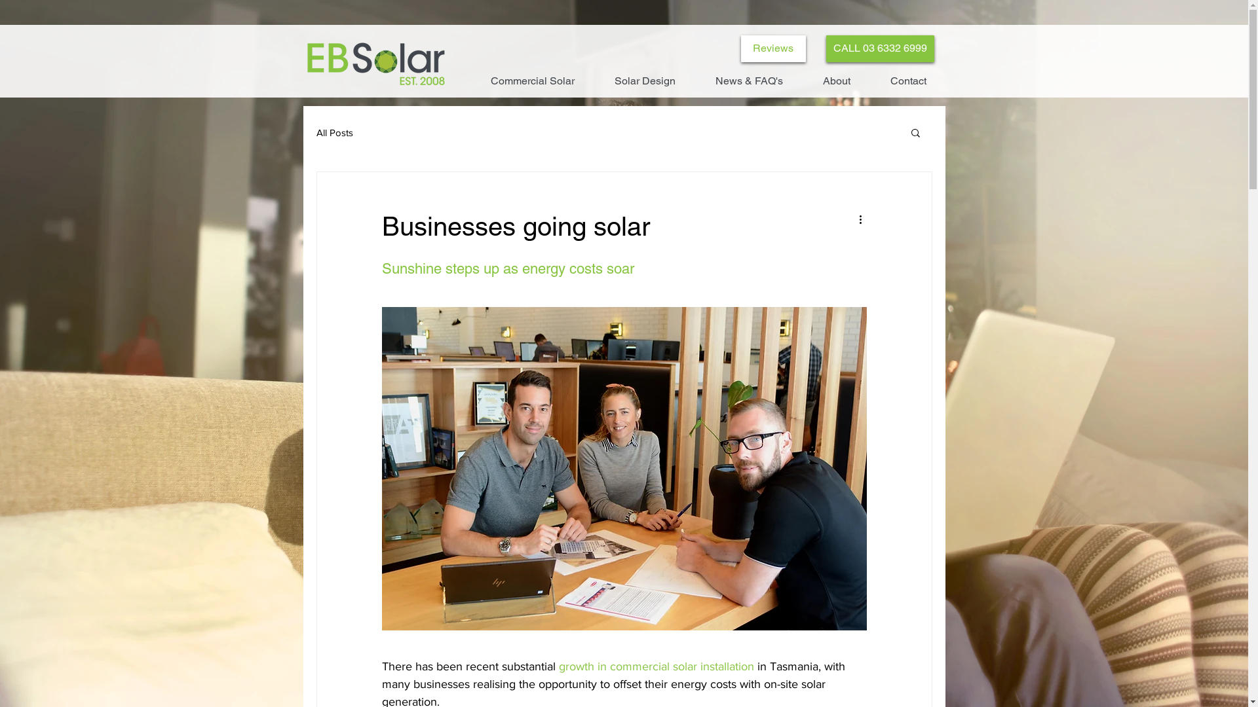  I want to click on 'Commercial Solar', so click(532, 81).